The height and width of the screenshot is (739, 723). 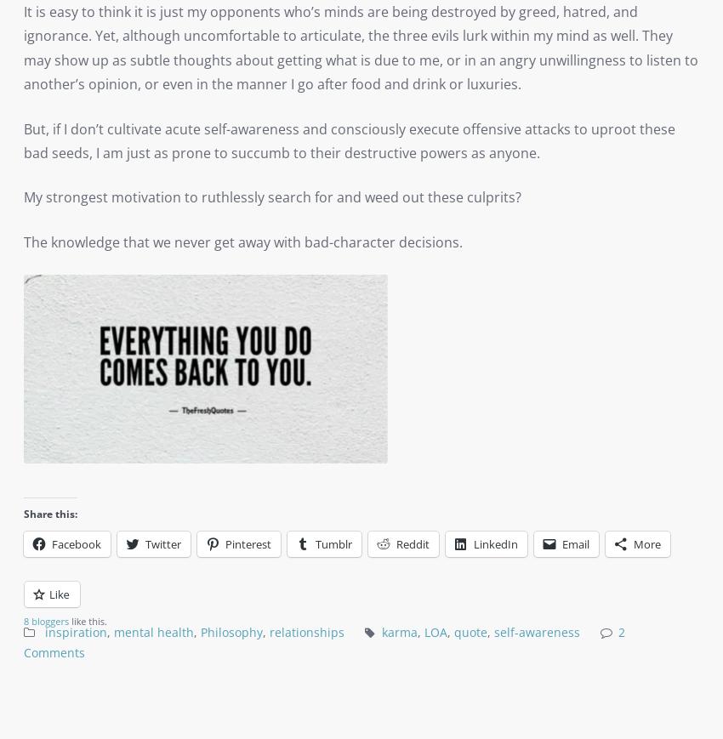 I want to click on 'mental health', so click(x=152, y=631).